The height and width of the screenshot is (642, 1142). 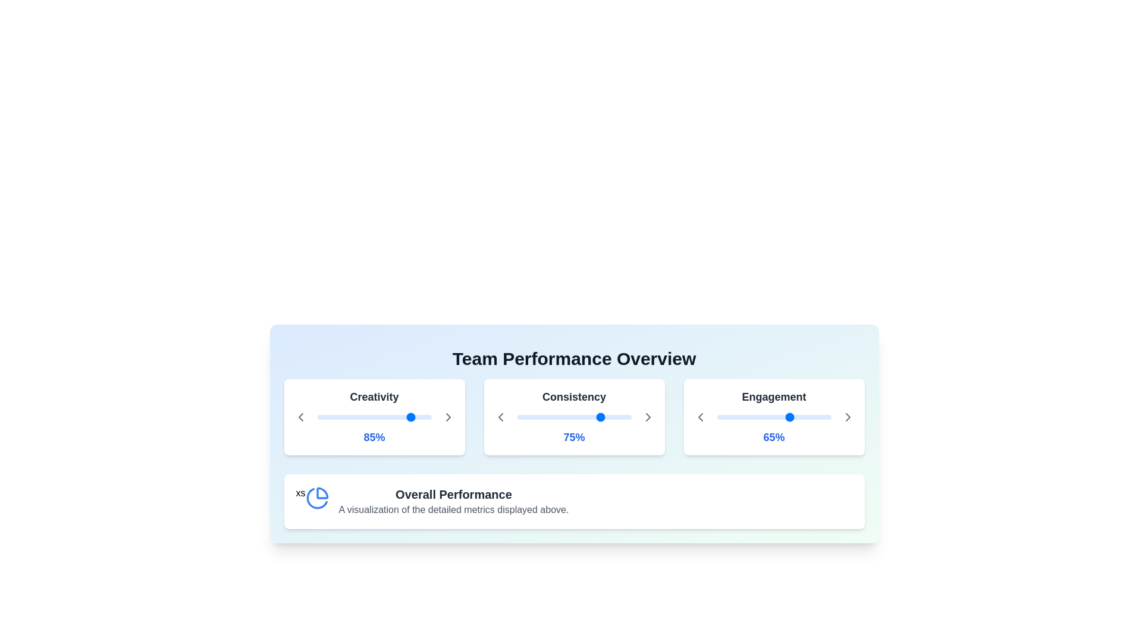 I want to click on the slider value, so click(x=354, y=417).